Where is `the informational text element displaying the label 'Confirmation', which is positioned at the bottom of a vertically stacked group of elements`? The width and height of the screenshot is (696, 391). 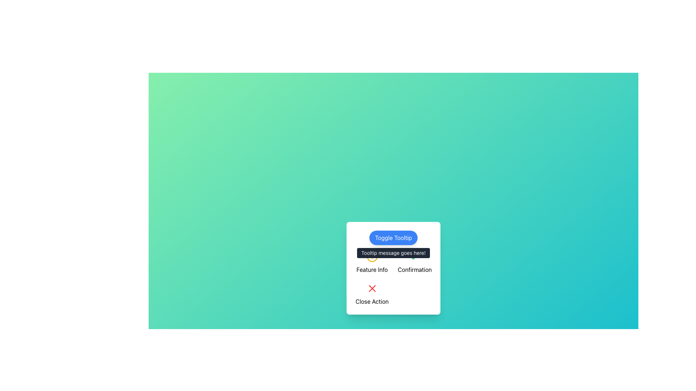 the informational text element displaying the label 'Confirmation', which is positioned at the bottom of a vertically stacked group of elements is located at coordinates (415, 269).